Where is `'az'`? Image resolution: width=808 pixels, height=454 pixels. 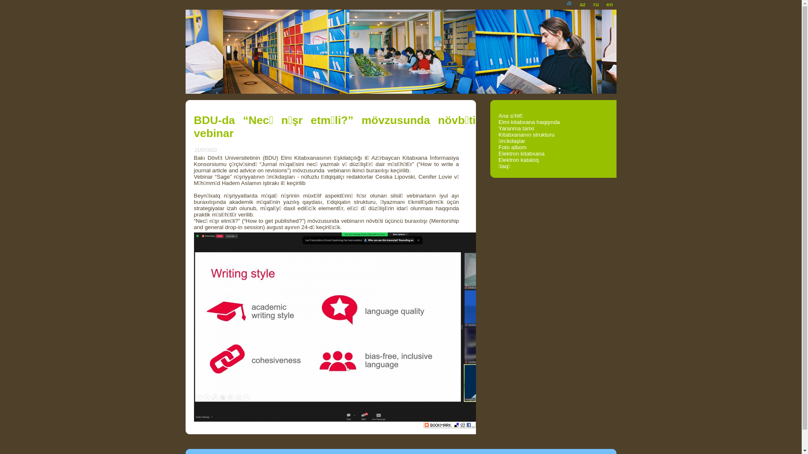 'az' is located at coordinates (582, 3).